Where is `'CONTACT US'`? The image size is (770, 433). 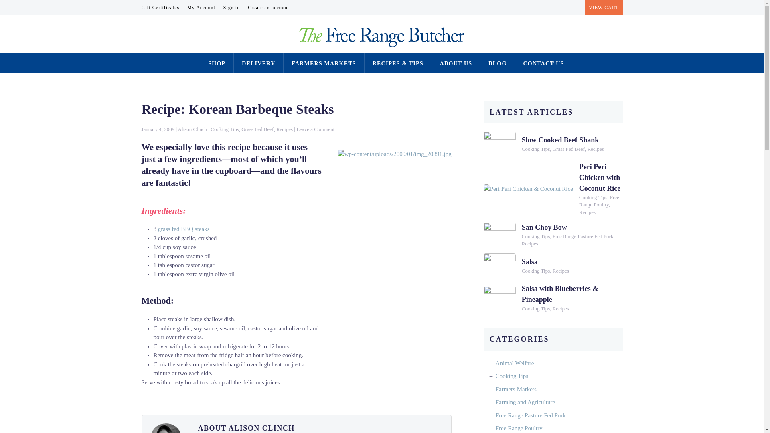
'CONTACT US' is located at coordinates (544, 63).